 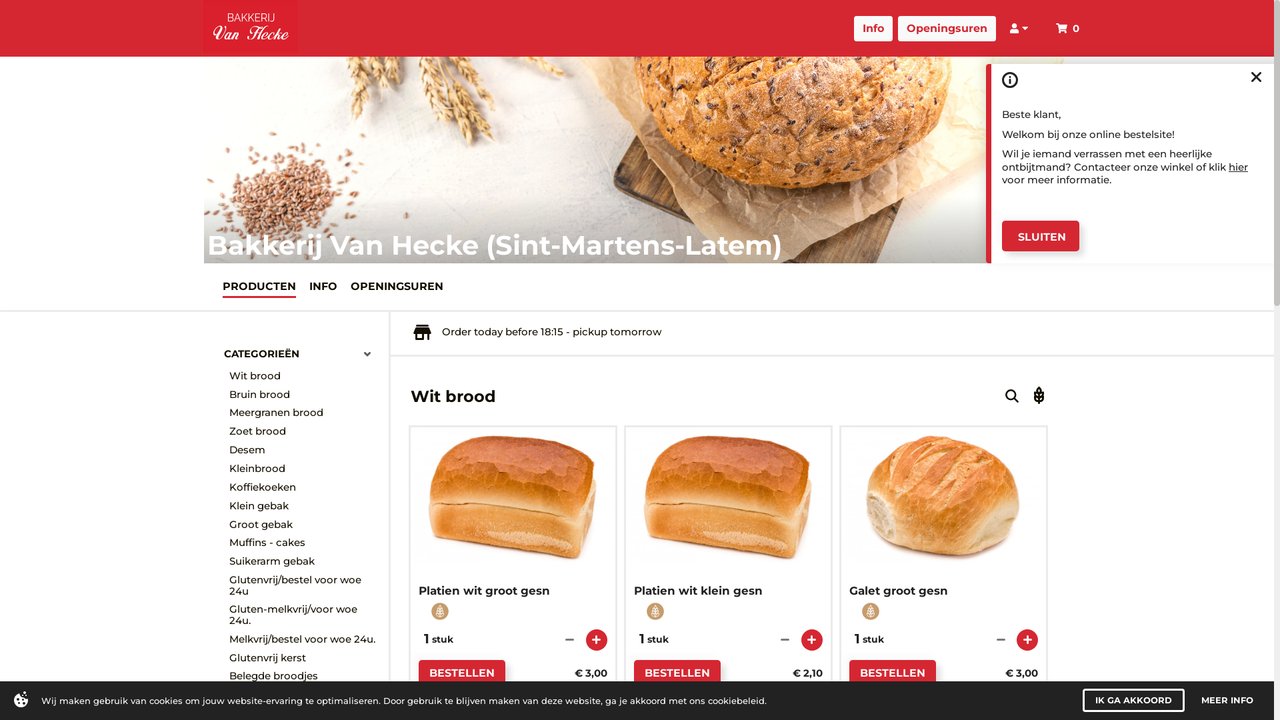 I want to click on 'Desem', so click(x=229, y=450).